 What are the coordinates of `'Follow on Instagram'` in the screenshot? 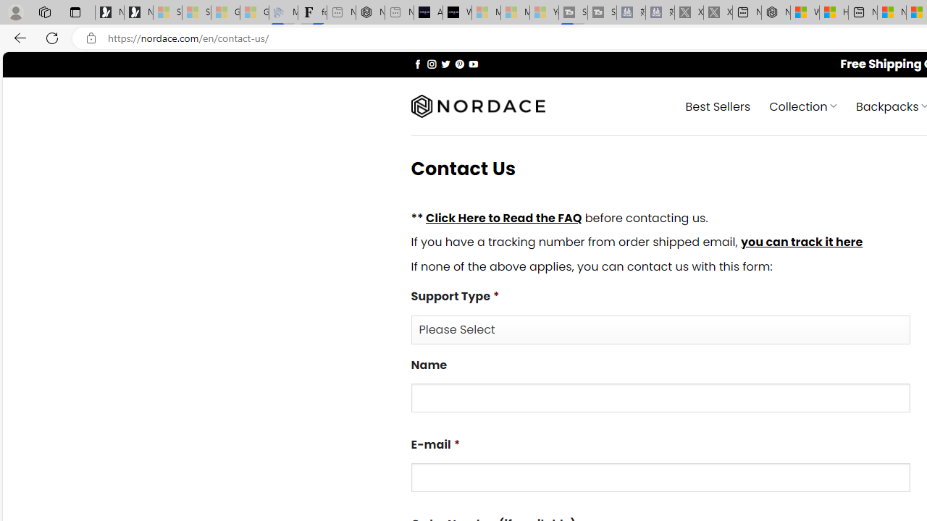 It's located at (431, 63).